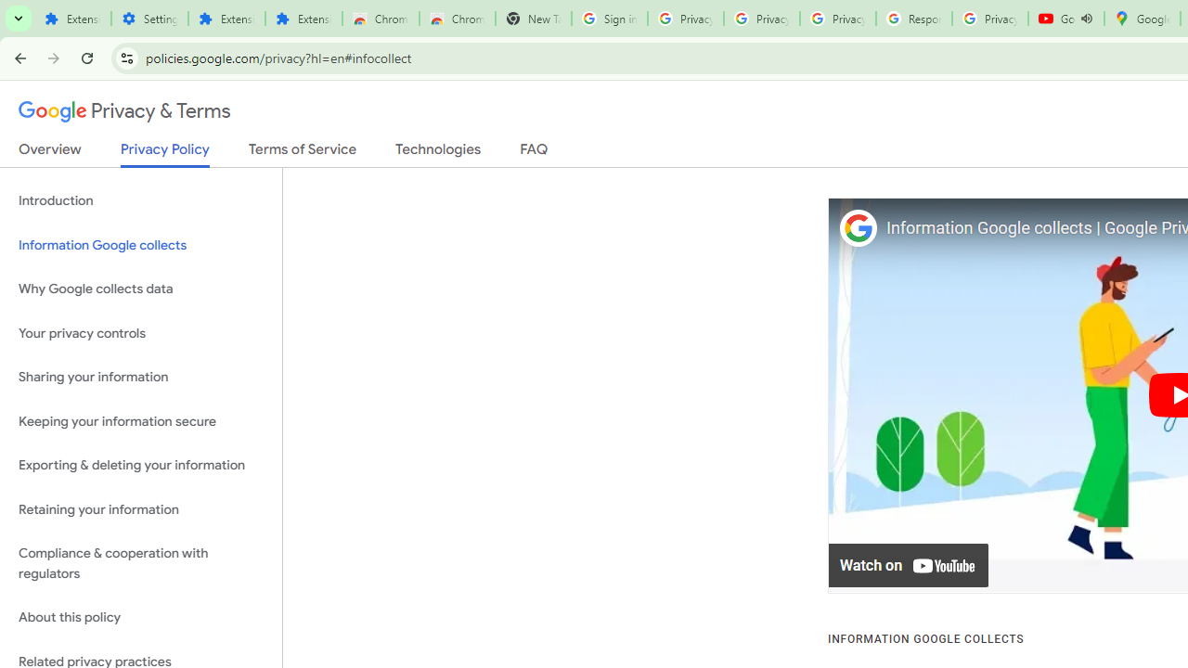 This screenshot has width=1188, height=668. What do you see at coordinates (140, 509) in the screenshot?
I see `'Retaining your information'` at bounding box center [140, 509].